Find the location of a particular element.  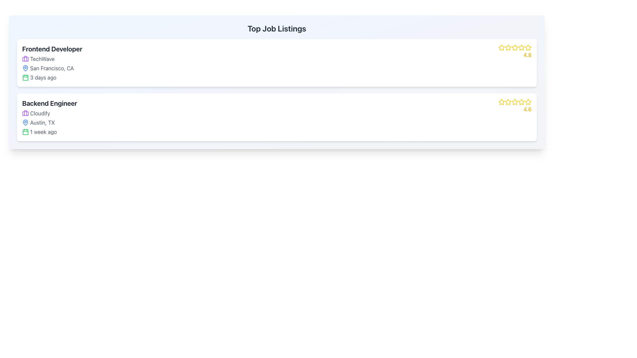

the third star icon in the rating system, which is filled with yellow and represents a score of '4.8' is located at coordinates (514, 47).